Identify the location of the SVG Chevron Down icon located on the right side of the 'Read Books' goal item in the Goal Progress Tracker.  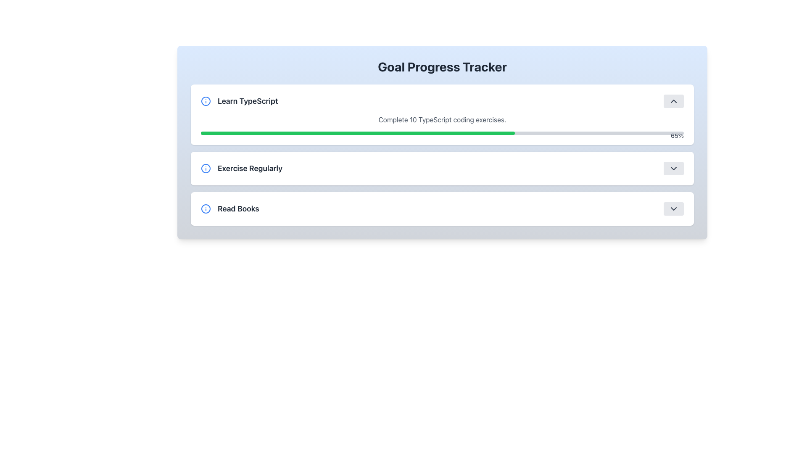
(674, 209).